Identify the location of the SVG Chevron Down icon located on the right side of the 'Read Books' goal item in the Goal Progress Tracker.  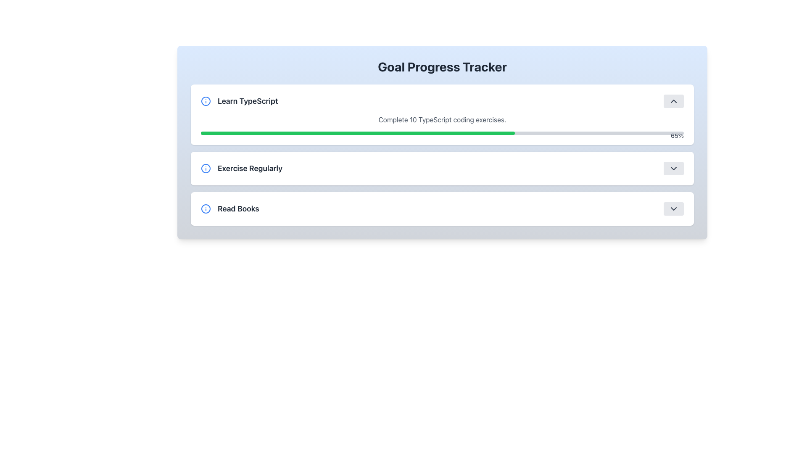
(674, 209).